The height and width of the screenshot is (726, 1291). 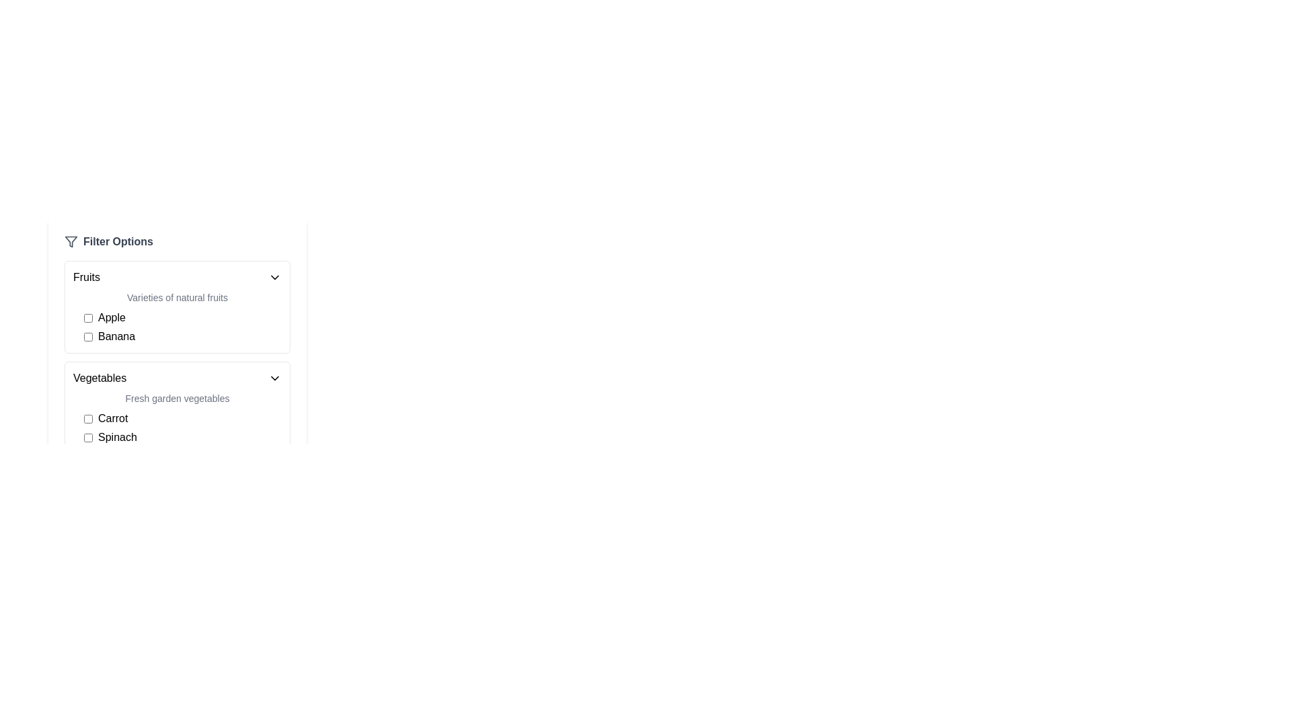 What do you see at coordinates (99, 378) in the screenshot?
I see `the 'Vegetables' header text label` at bounding box center [99, 378].